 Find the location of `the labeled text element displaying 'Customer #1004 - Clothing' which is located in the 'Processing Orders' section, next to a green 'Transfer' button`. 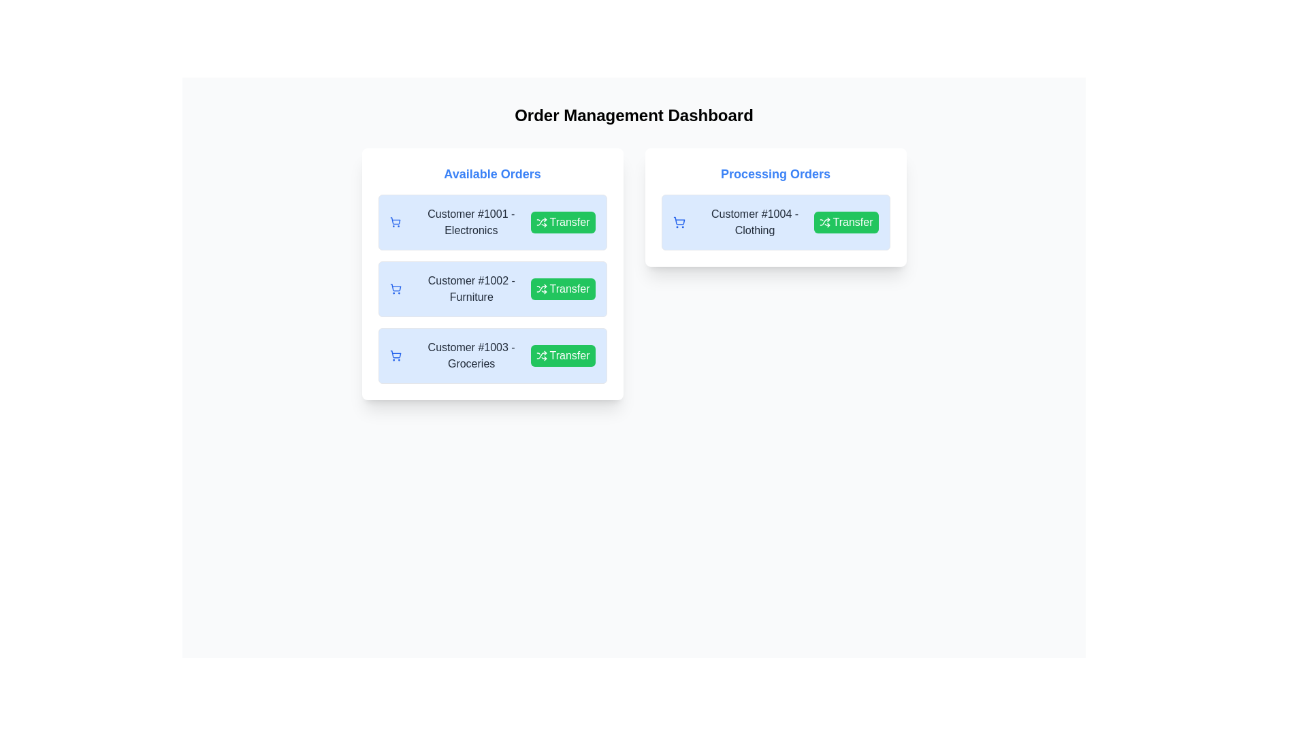

the labeled text element displaying 'Customer #1004 - Clothing' which is located in the 'Processing Orders' section, next to a green 'Transfer' button is located at coordinates (743, 222).